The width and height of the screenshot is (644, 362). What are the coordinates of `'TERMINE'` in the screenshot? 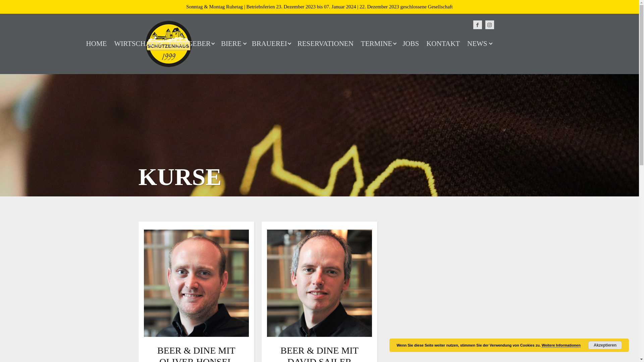 It's located at (378, 44).